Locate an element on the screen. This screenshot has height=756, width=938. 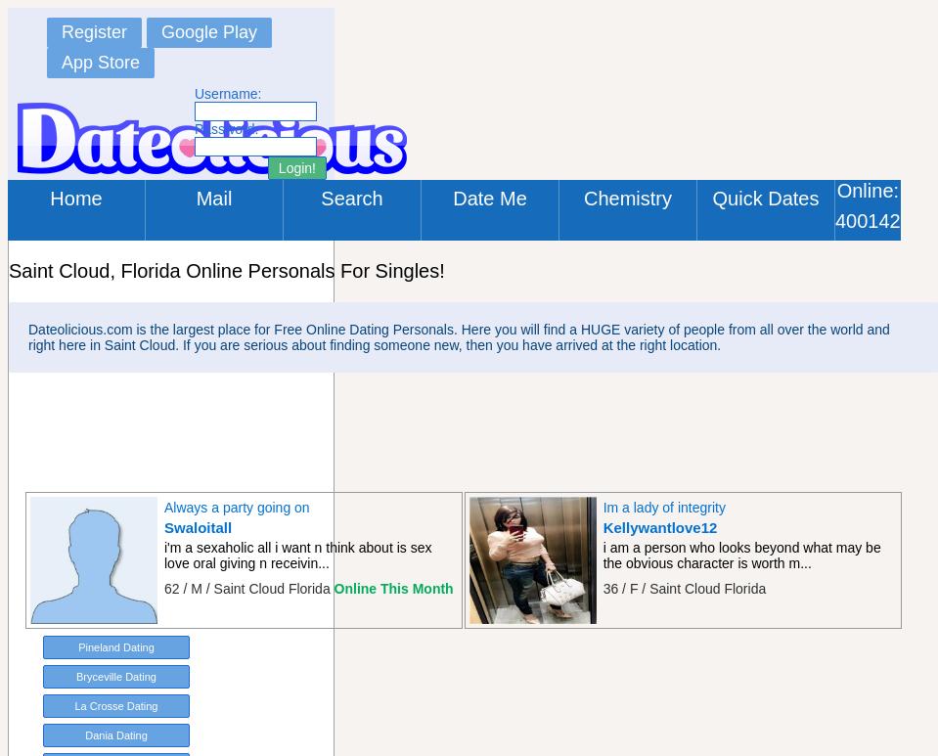
'Im a lady of integrity' is located at coordinates (601, 507).